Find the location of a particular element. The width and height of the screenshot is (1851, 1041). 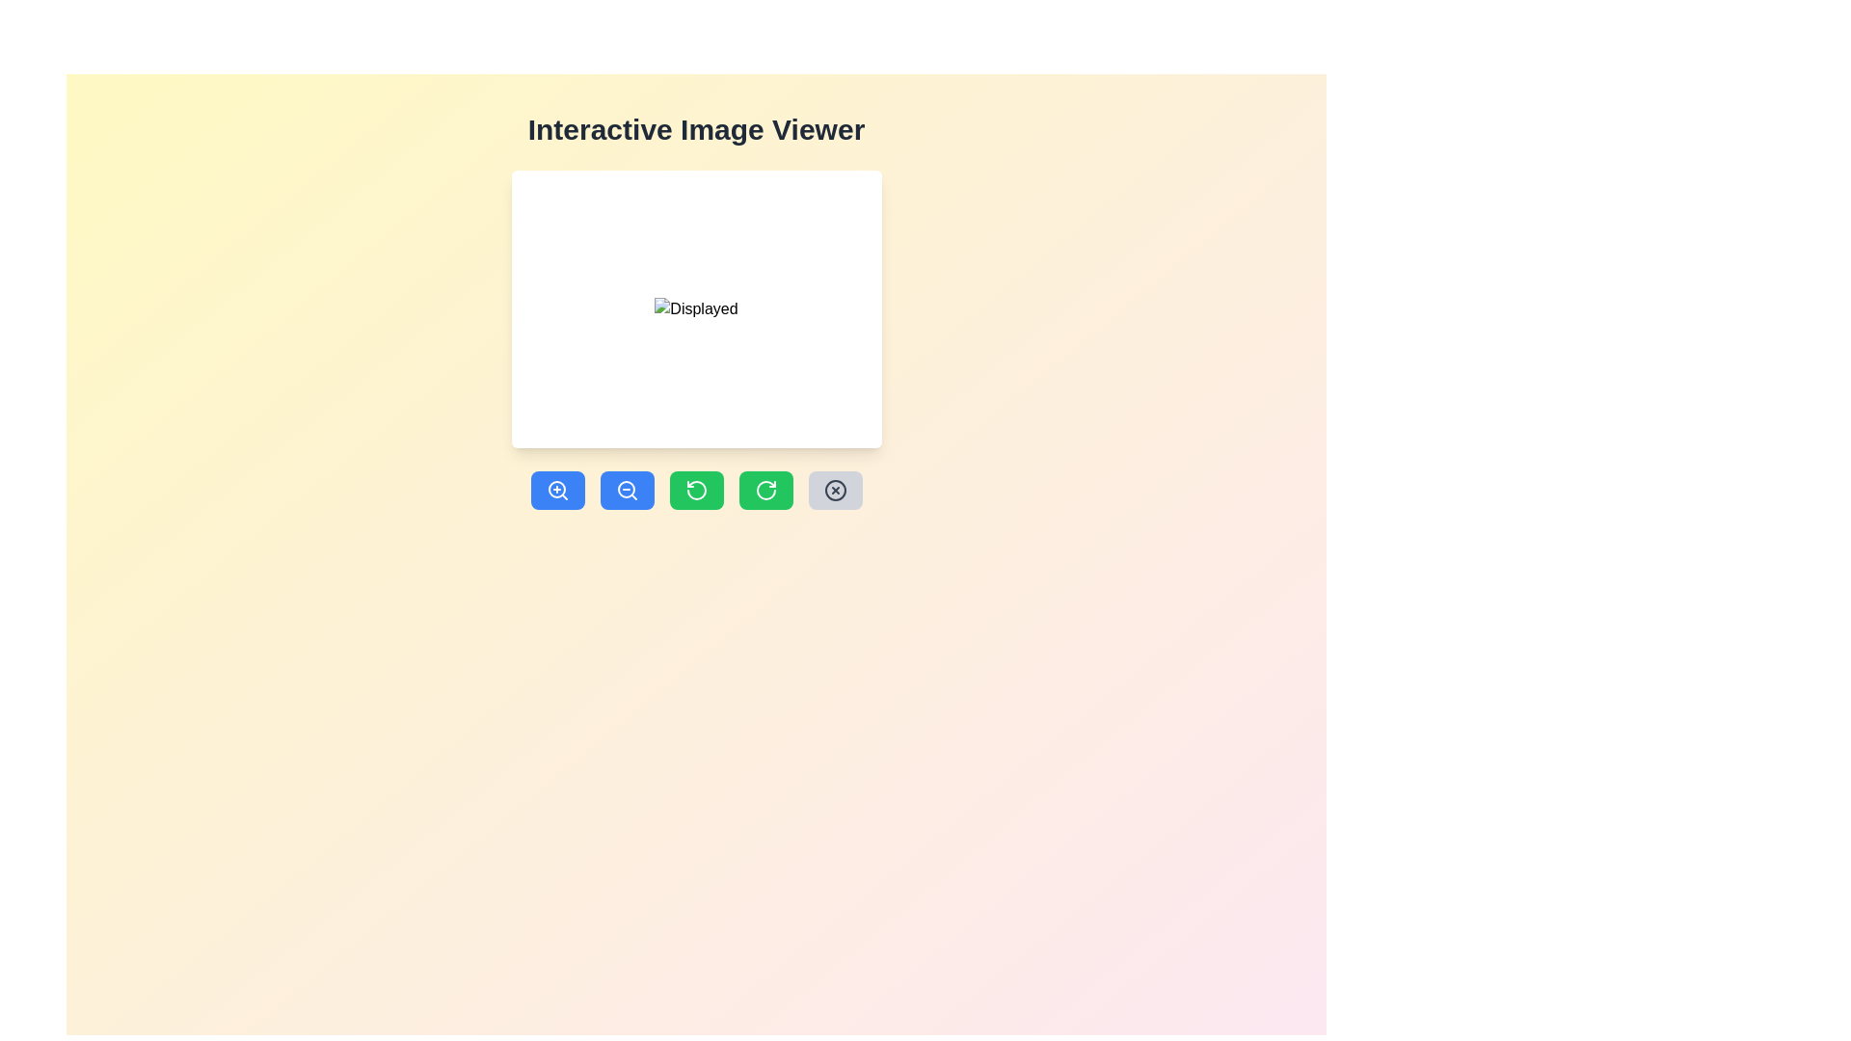

the circular arrow icon button with a green background, which functions as a rotate or reset button located in the fourth position in a horizontal row of controls is located at coordinates (765, 490).